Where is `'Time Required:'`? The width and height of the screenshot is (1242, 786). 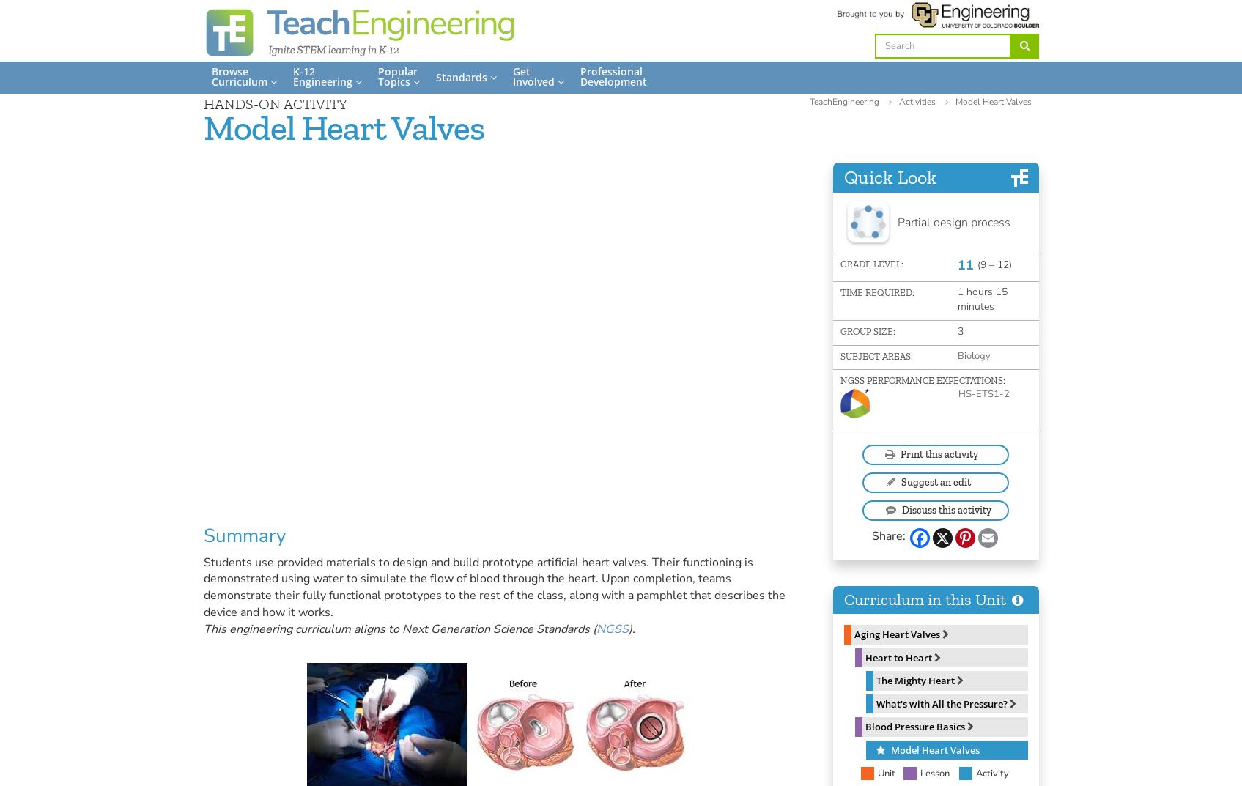 'Time Required:' is located at coordinates (840, 291).